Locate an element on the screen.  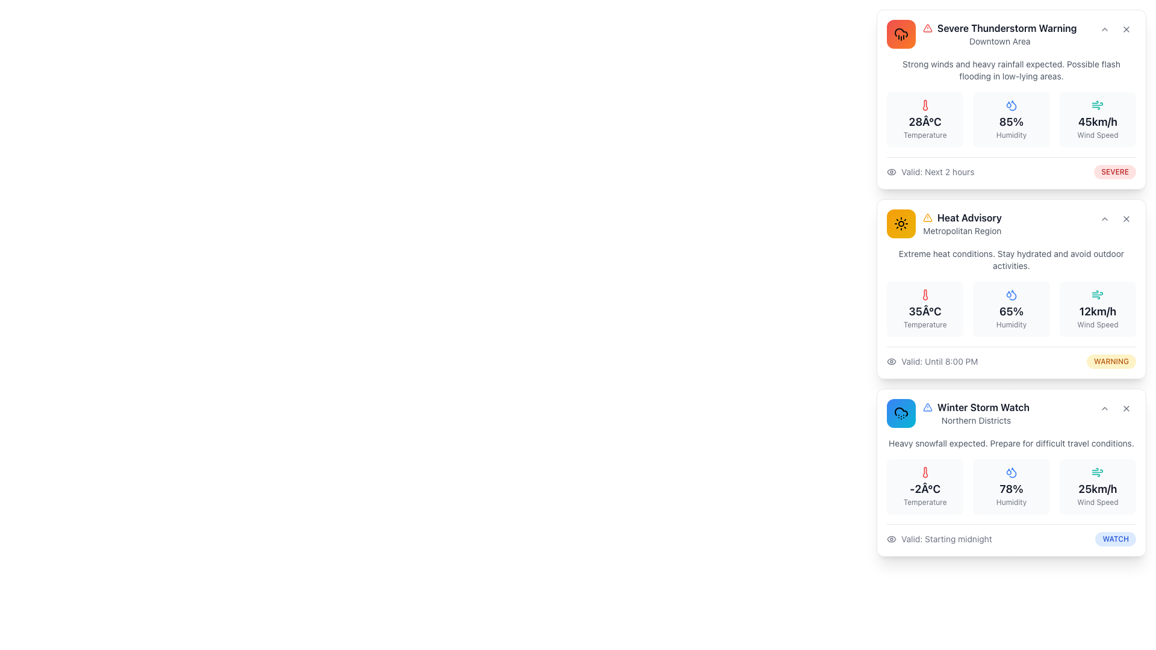
the visibility icon located in the footer section of the 'Severe Thunderstorm Warning' card, which is positioned to the left of the text 'Valid: Next 2 hours' is located at coordinates (892, 172).